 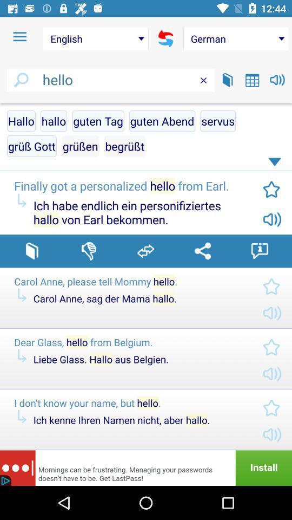 What do you see at coordinates (203, 80) in the screenshot?
I see `the item above guten abend` at bounding box center [203, 80].